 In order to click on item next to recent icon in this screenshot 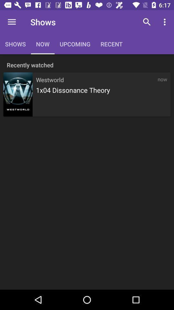, I will do `click(147, 22)`.